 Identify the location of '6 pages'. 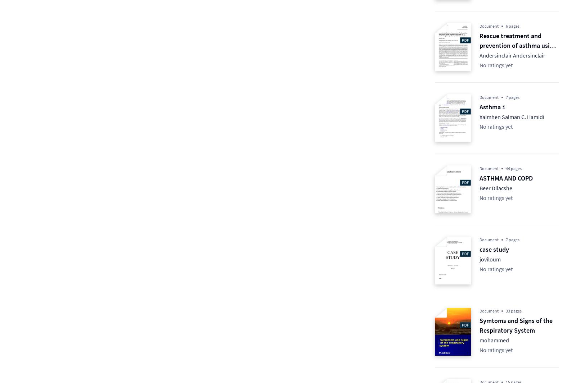
(513, 26).